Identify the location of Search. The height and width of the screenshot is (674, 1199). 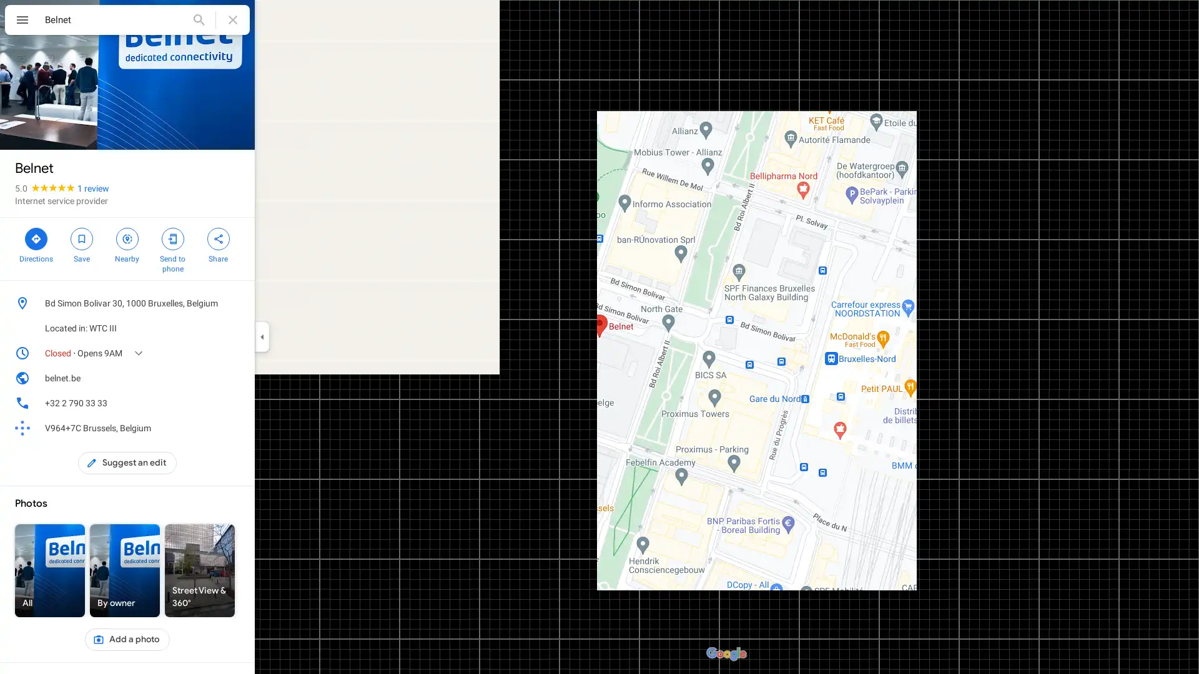
(198, 19).